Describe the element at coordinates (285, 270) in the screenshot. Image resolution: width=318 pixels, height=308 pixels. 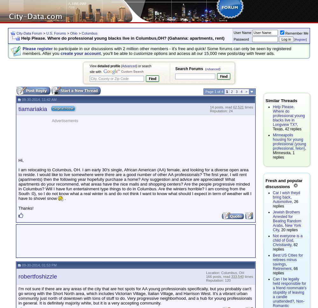
I see `', 66 replies'` at that location.